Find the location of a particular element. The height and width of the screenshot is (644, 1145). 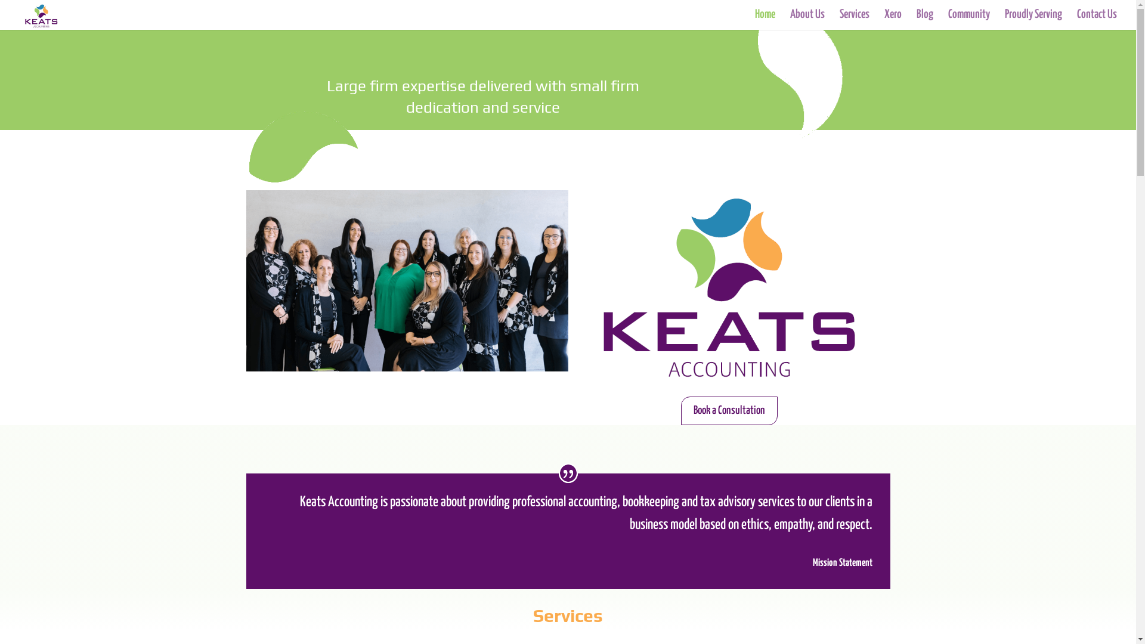

'keats-accounting-team' is located at coordinates (406, 280).